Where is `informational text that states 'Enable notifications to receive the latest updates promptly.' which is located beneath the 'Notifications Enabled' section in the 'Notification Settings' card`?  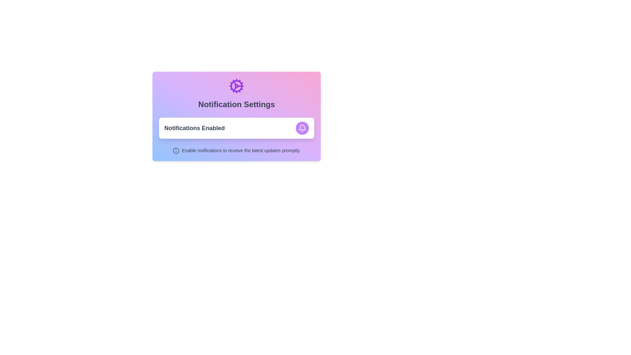 informational text that states 'Enable notifications to receive the latest updates promptly.' which is located beneath the 'Notifications Enabled' section in the 'Notification Settings' card is located at coordinates (237, 151).